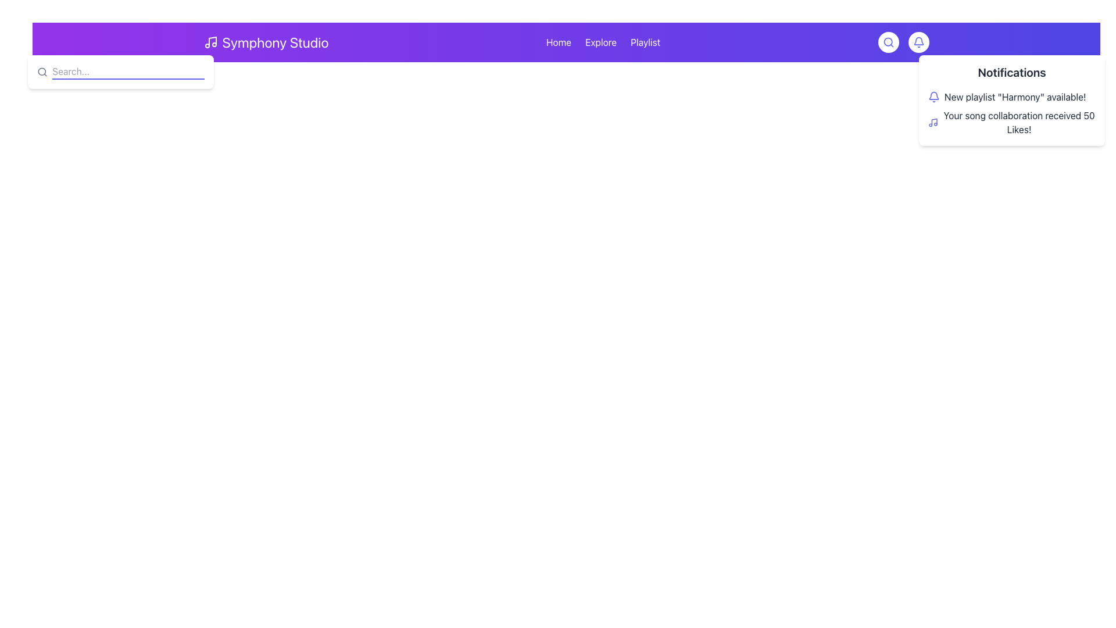 The image size is (1116, 628). I want to click on the musical theme icon at the start of the notification stating 'Your song collaboration received 50 Likes!' in the notifications dropdown menu, so click(933, 123).